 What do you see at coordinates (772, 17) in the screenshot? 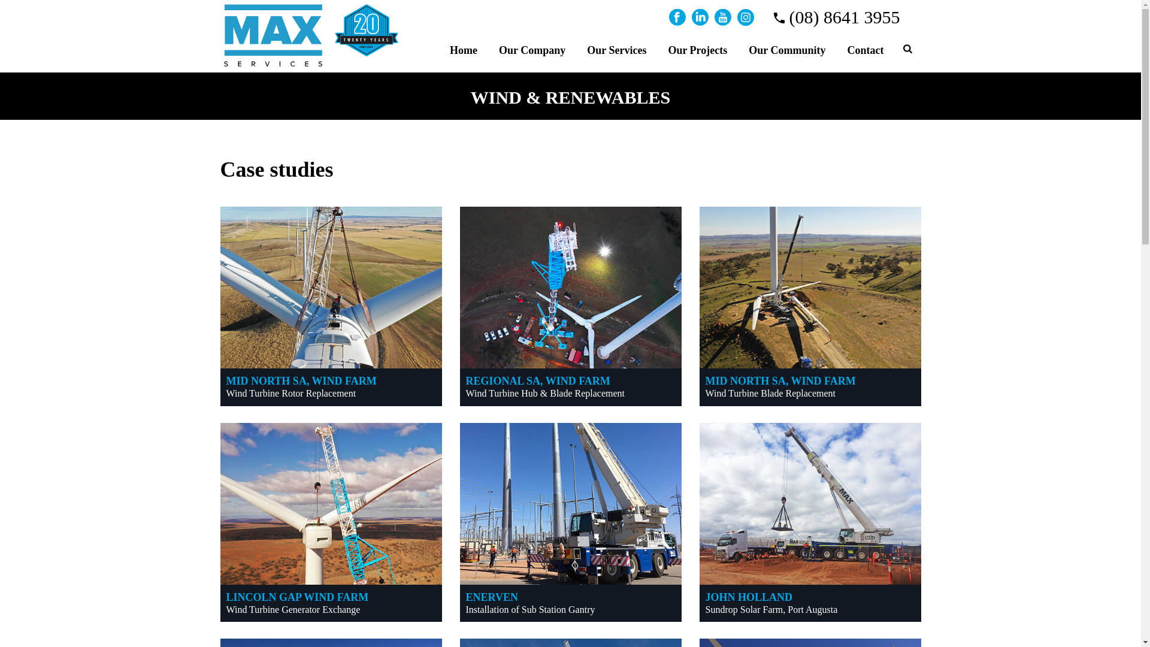
I see `'(08) 8641 3955'` at bounding box center [772, 17].